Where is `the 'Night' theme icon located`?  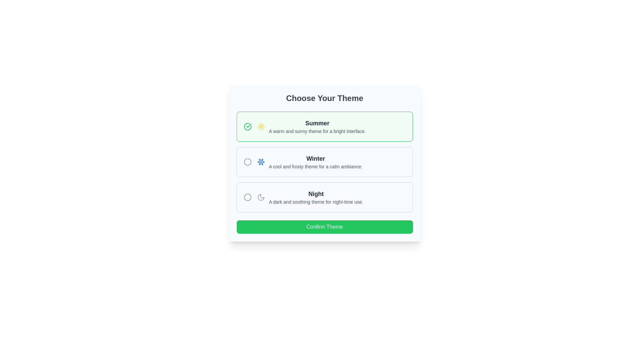 the 'Night' theme icon located is located at coordinates (260, 197).